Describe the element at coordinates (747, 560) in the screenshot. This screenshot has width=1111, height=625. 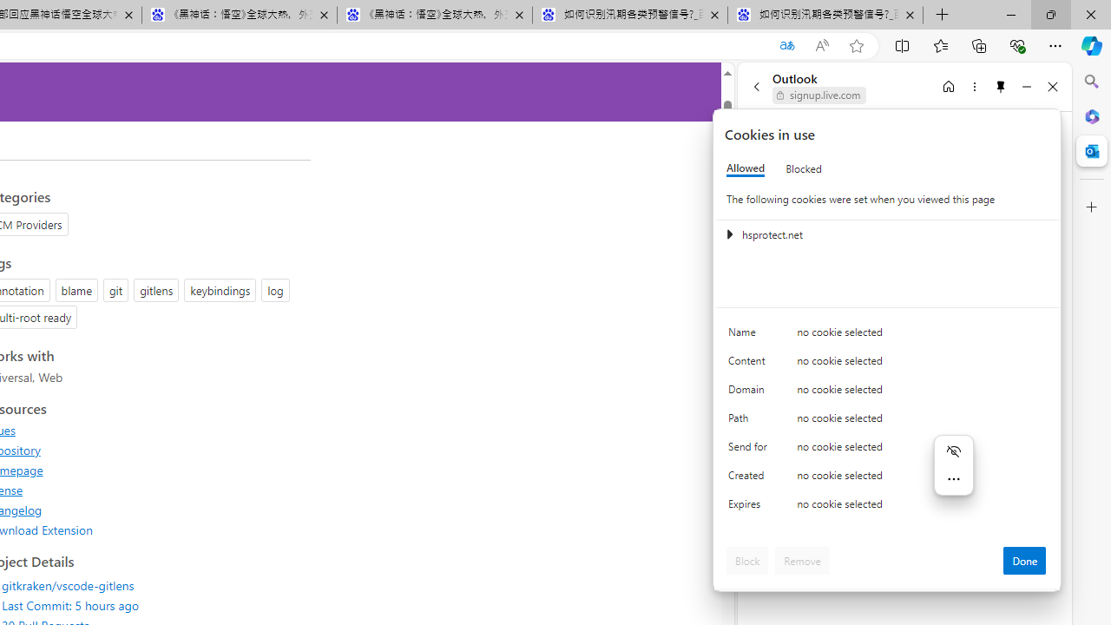
I see `'Block'` at that location.